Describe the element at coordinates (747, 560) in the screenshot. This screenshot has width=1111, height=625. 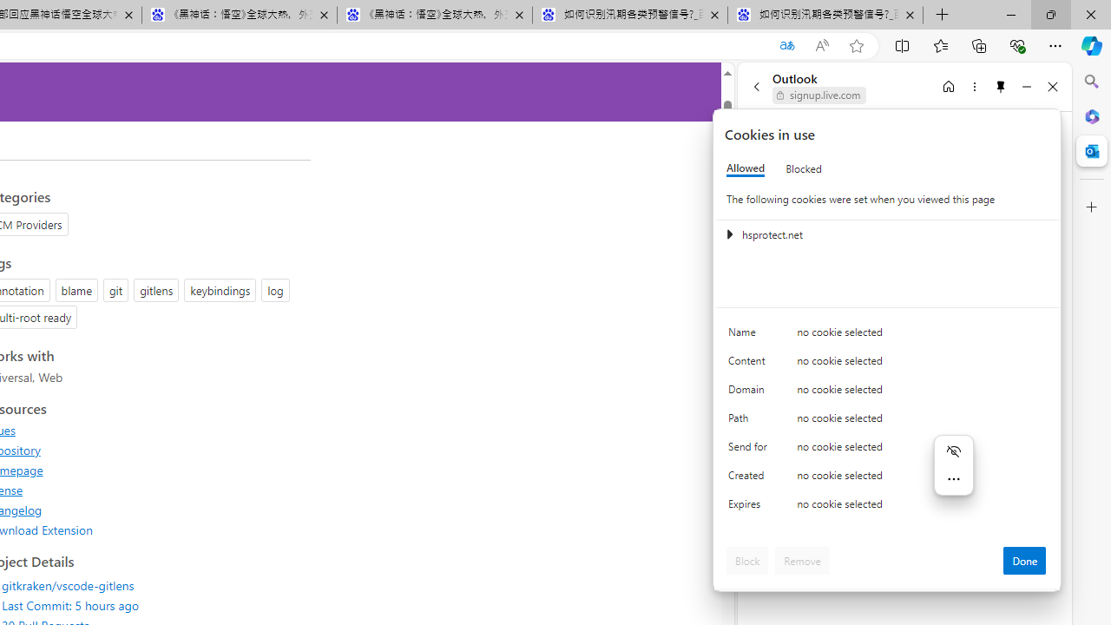
I see `'Block'` at that location.